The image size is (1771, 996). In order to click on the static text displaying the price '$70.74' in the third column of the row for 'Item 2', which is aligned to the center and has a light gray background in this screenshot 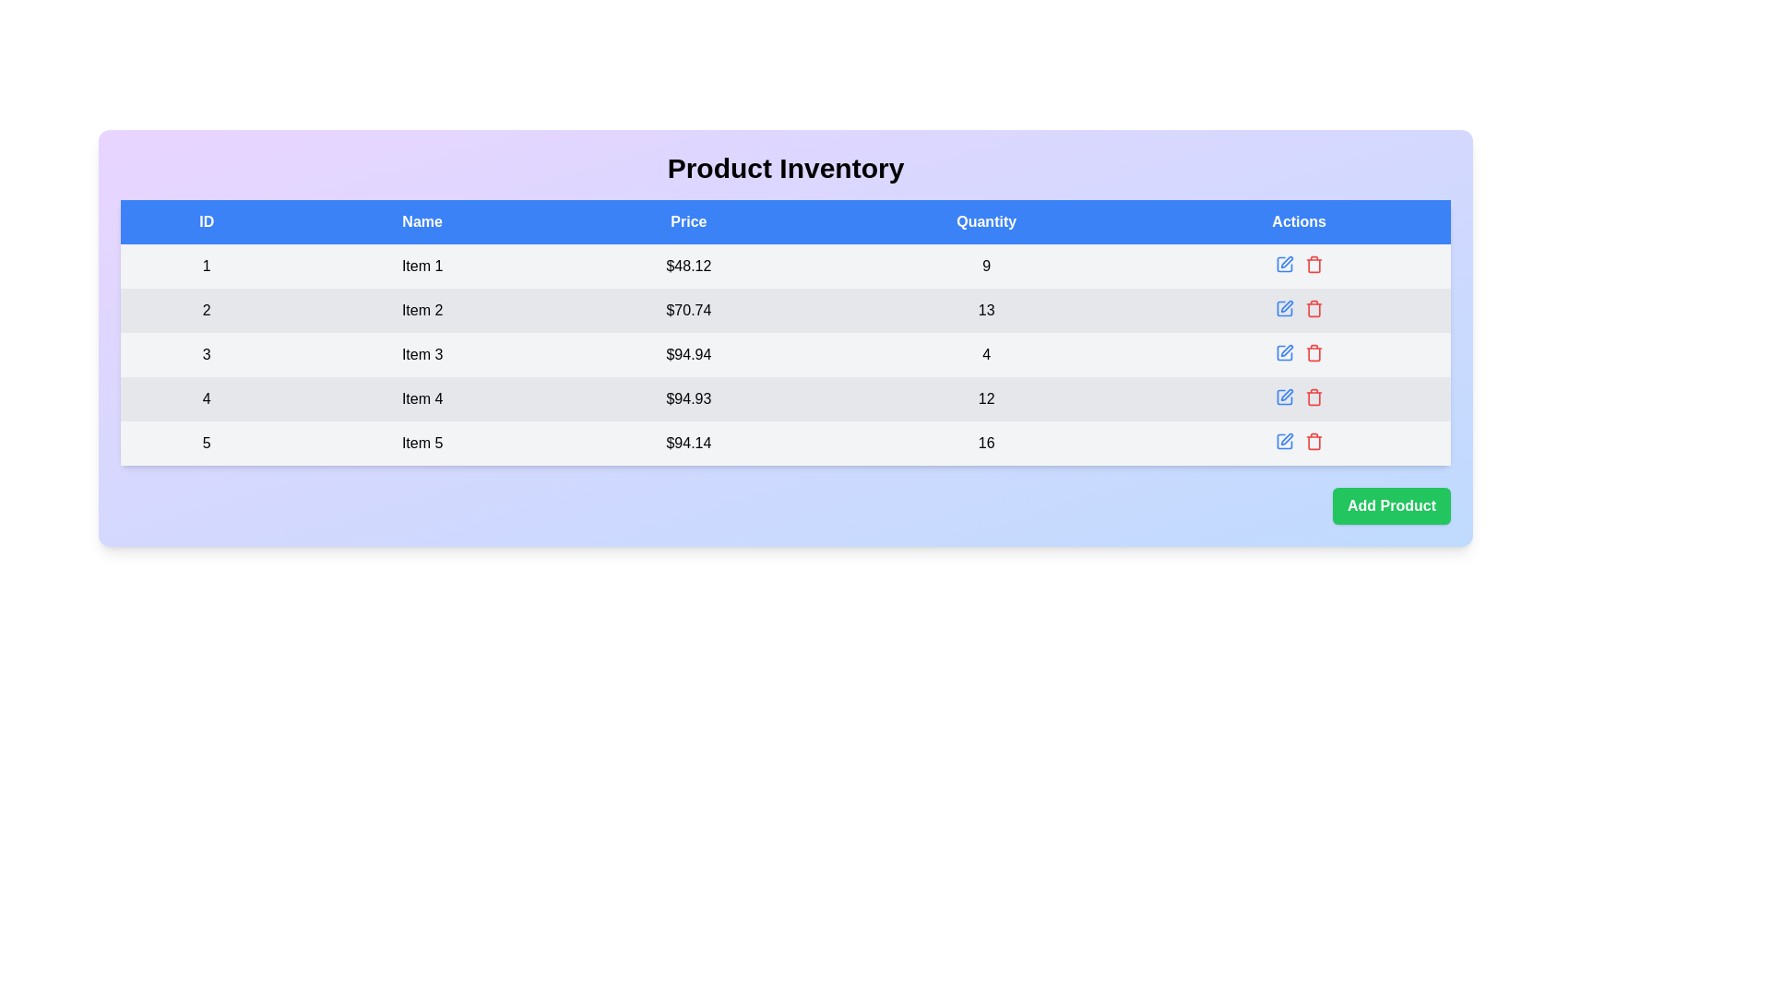, I will do `click(687, 309)`.